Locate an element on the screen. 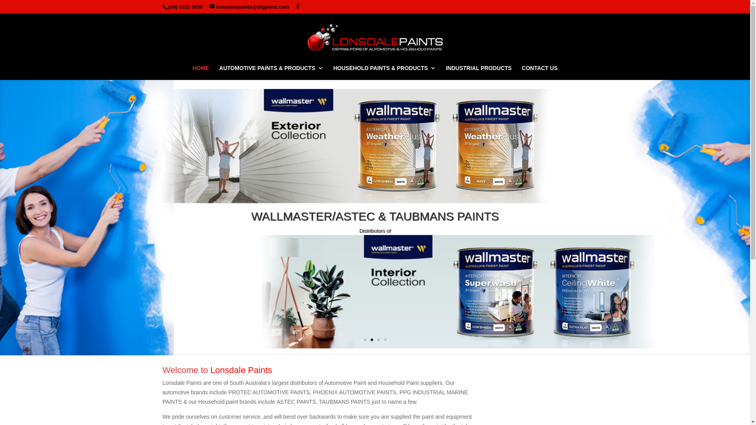 The width and height of the screenshot is (756, 425). 'AUTOMOTIVE PAINTS & PRODUCTS' is located at coordinates (271, 72).